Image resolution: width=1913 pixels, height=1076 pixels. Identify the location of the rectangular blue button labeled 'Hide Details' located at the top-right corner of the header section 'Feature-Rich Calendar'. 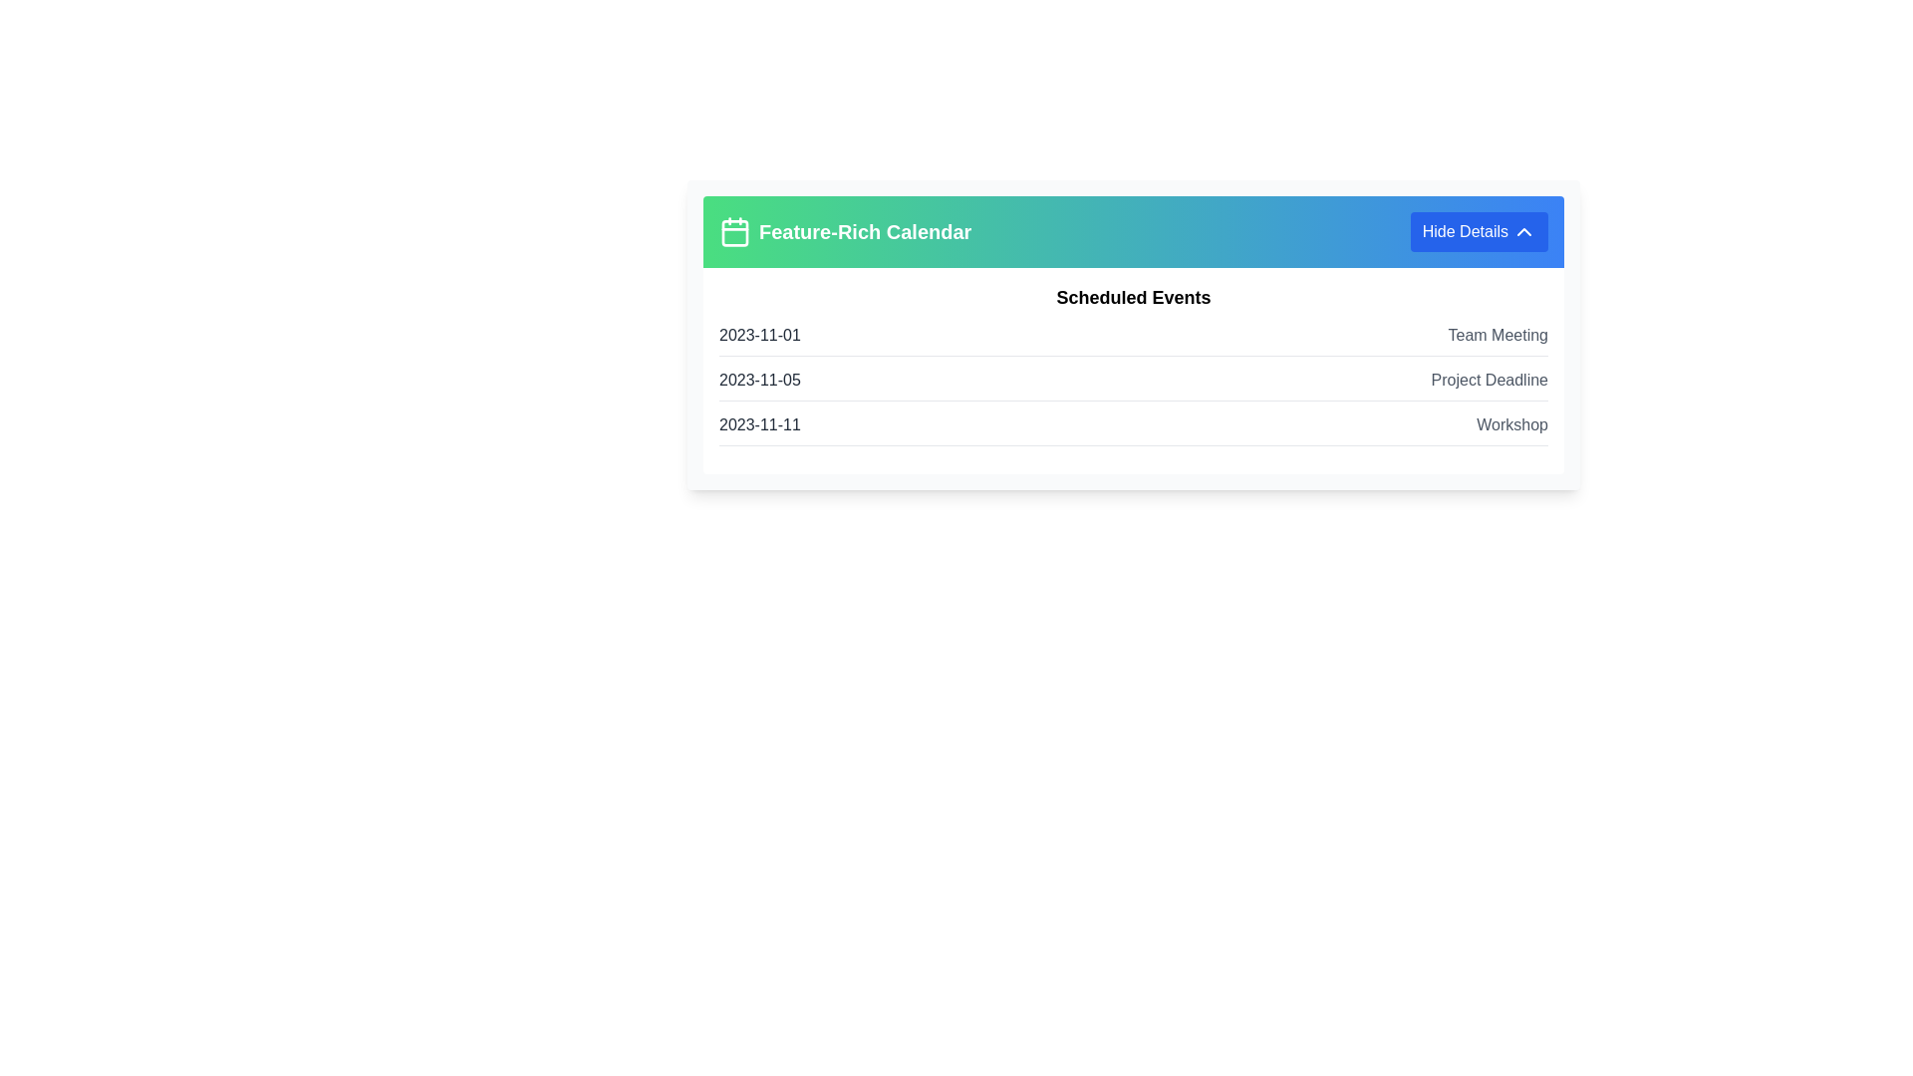
(1478, 230).